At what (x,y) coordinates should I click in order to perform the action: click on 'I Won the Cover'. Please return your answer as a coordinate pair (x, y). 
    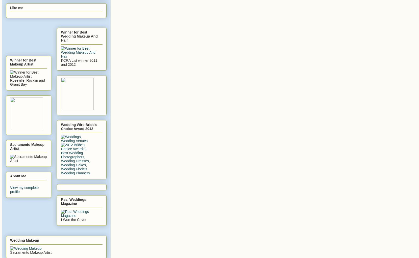
    Looking at the image, I should click on (73, 220).